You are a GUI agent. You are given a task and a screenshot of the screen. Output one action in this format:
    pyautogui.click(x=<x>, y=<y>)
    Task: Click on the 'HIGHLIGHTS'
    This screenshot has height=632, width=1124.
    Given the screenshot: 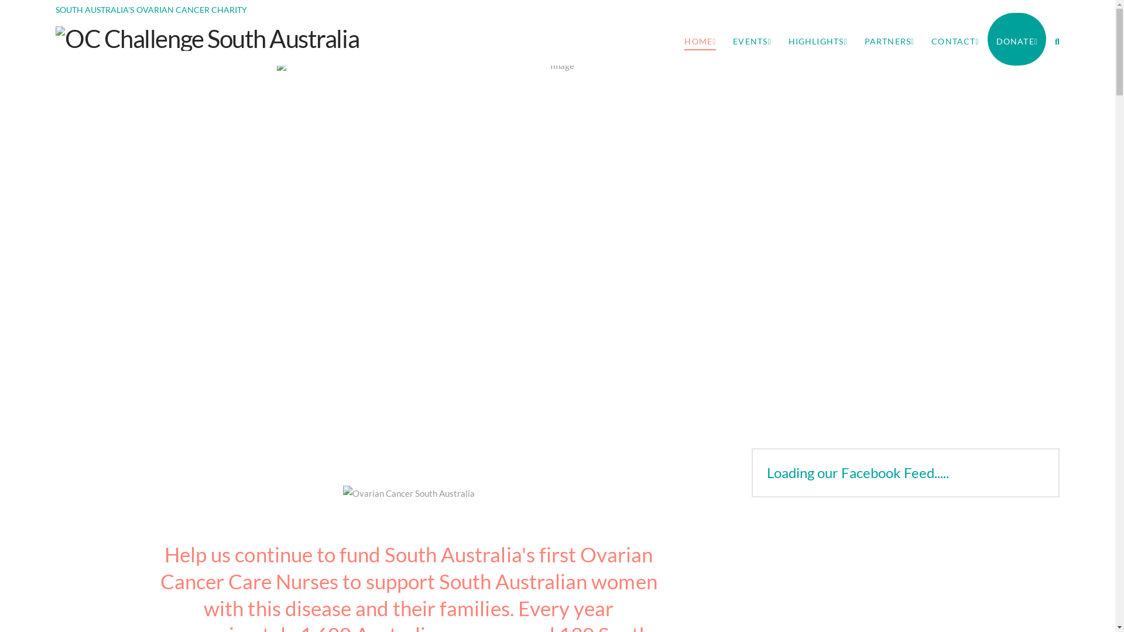 What is the action you would take?
    pyautogui.click(x=817, y=38)
    